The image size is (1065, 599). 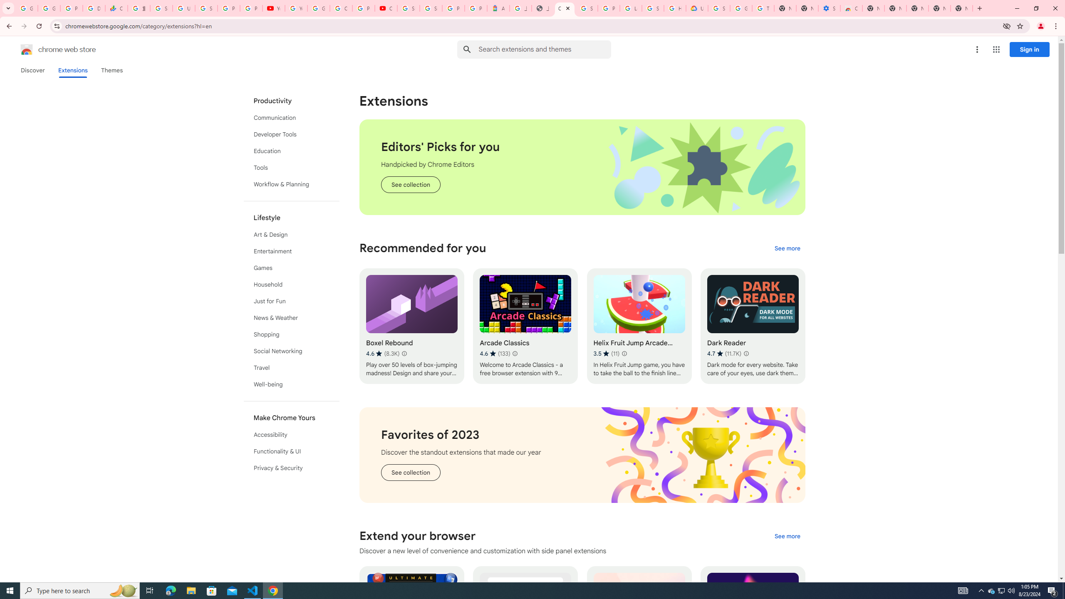 What do you see at coordinates (292, 435) in the screenshot?
I see `'Accessibility'` at bounding box center [292, 435].